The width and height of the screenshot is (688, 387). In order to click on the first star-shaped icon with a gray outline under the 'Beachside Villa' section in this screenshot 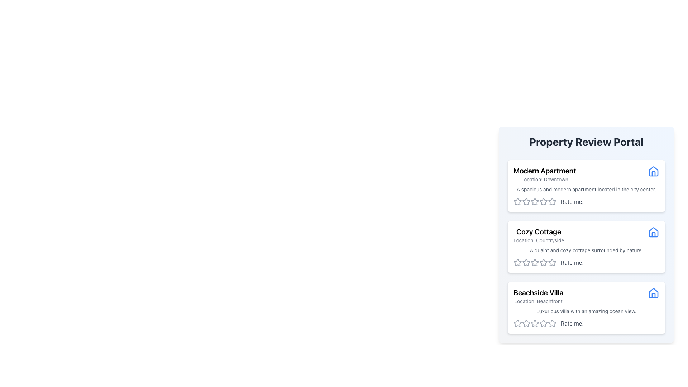, I will do `click(517, 323)`.